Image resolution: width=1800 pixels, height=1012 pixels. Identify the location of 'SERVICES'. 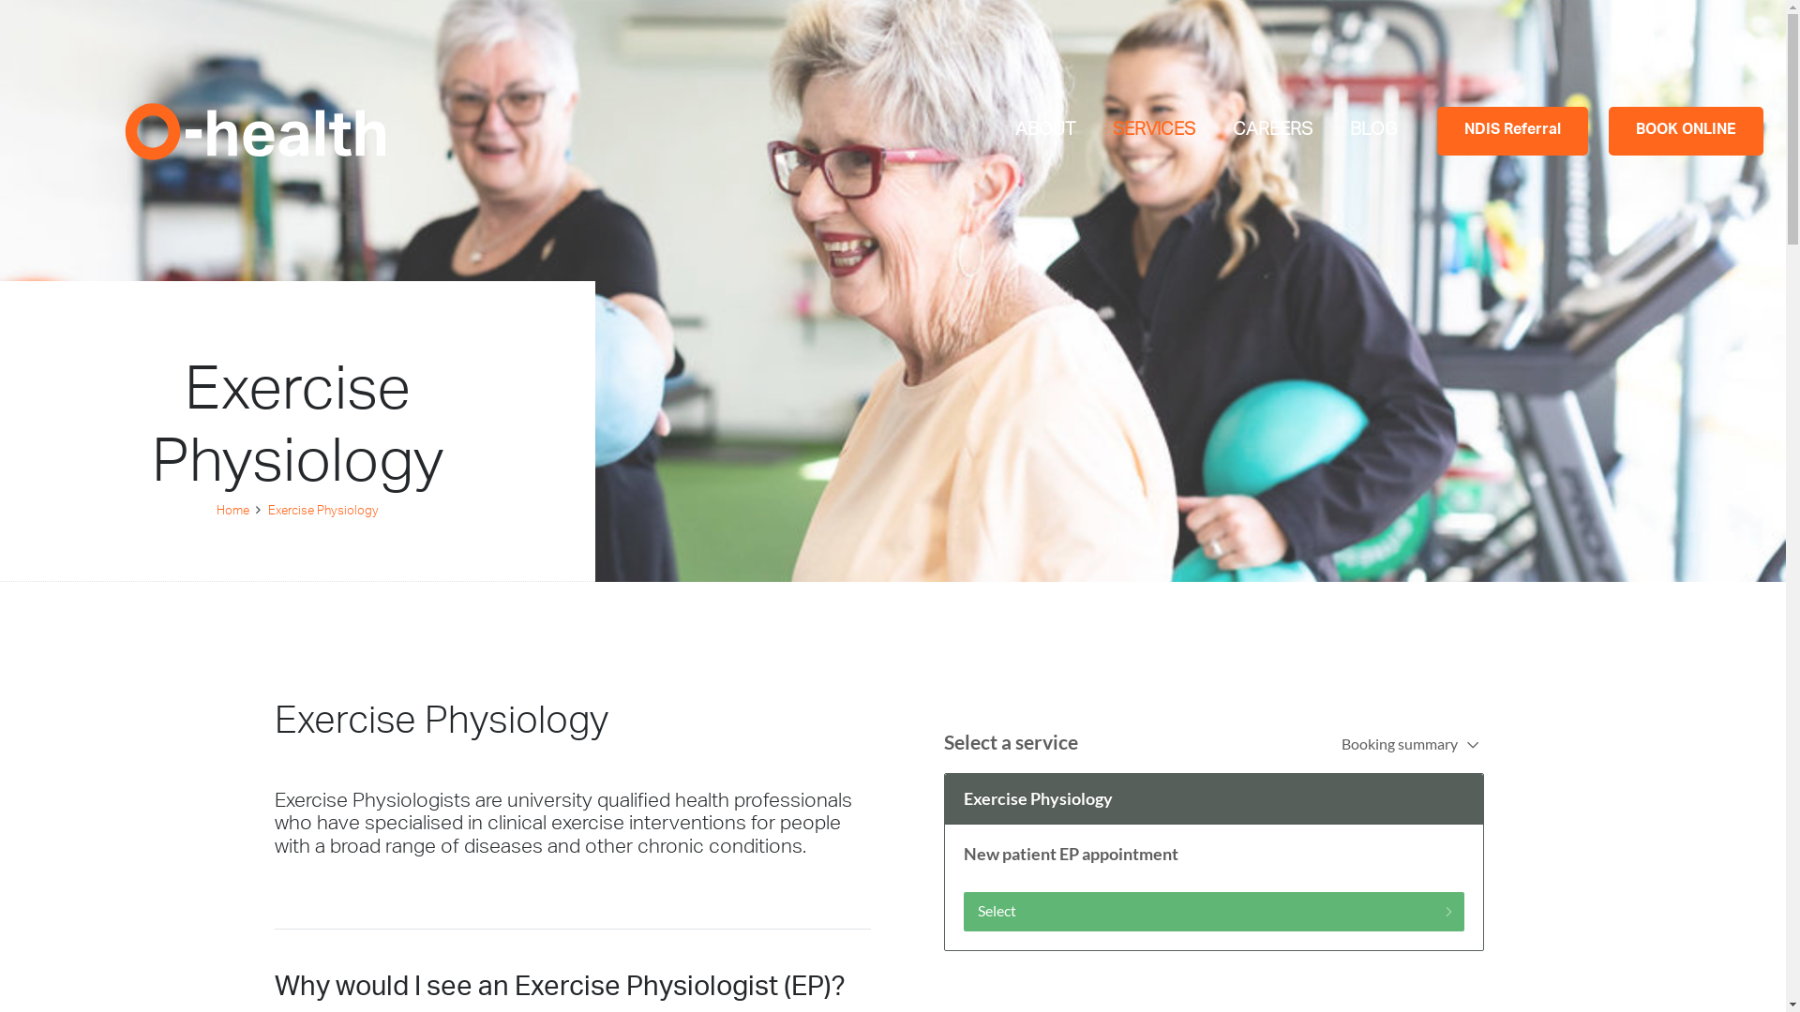
(1093, 129).